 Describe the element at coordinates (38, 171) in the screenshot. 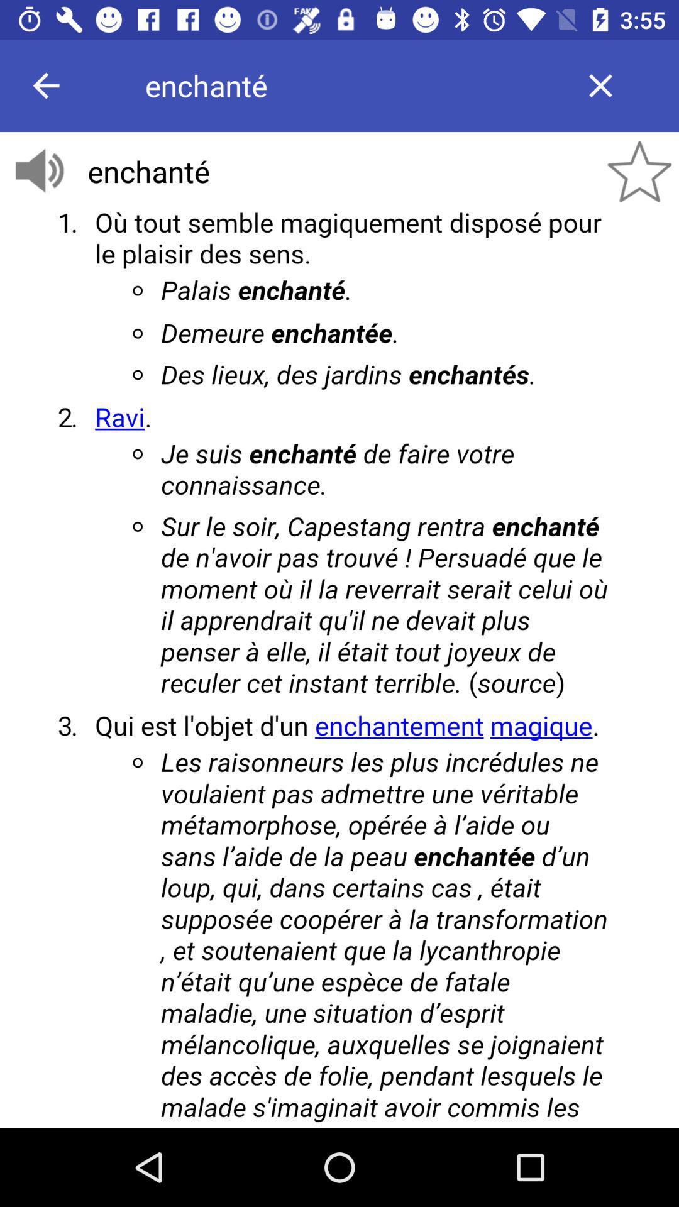

I see `the volume icon` at that location.